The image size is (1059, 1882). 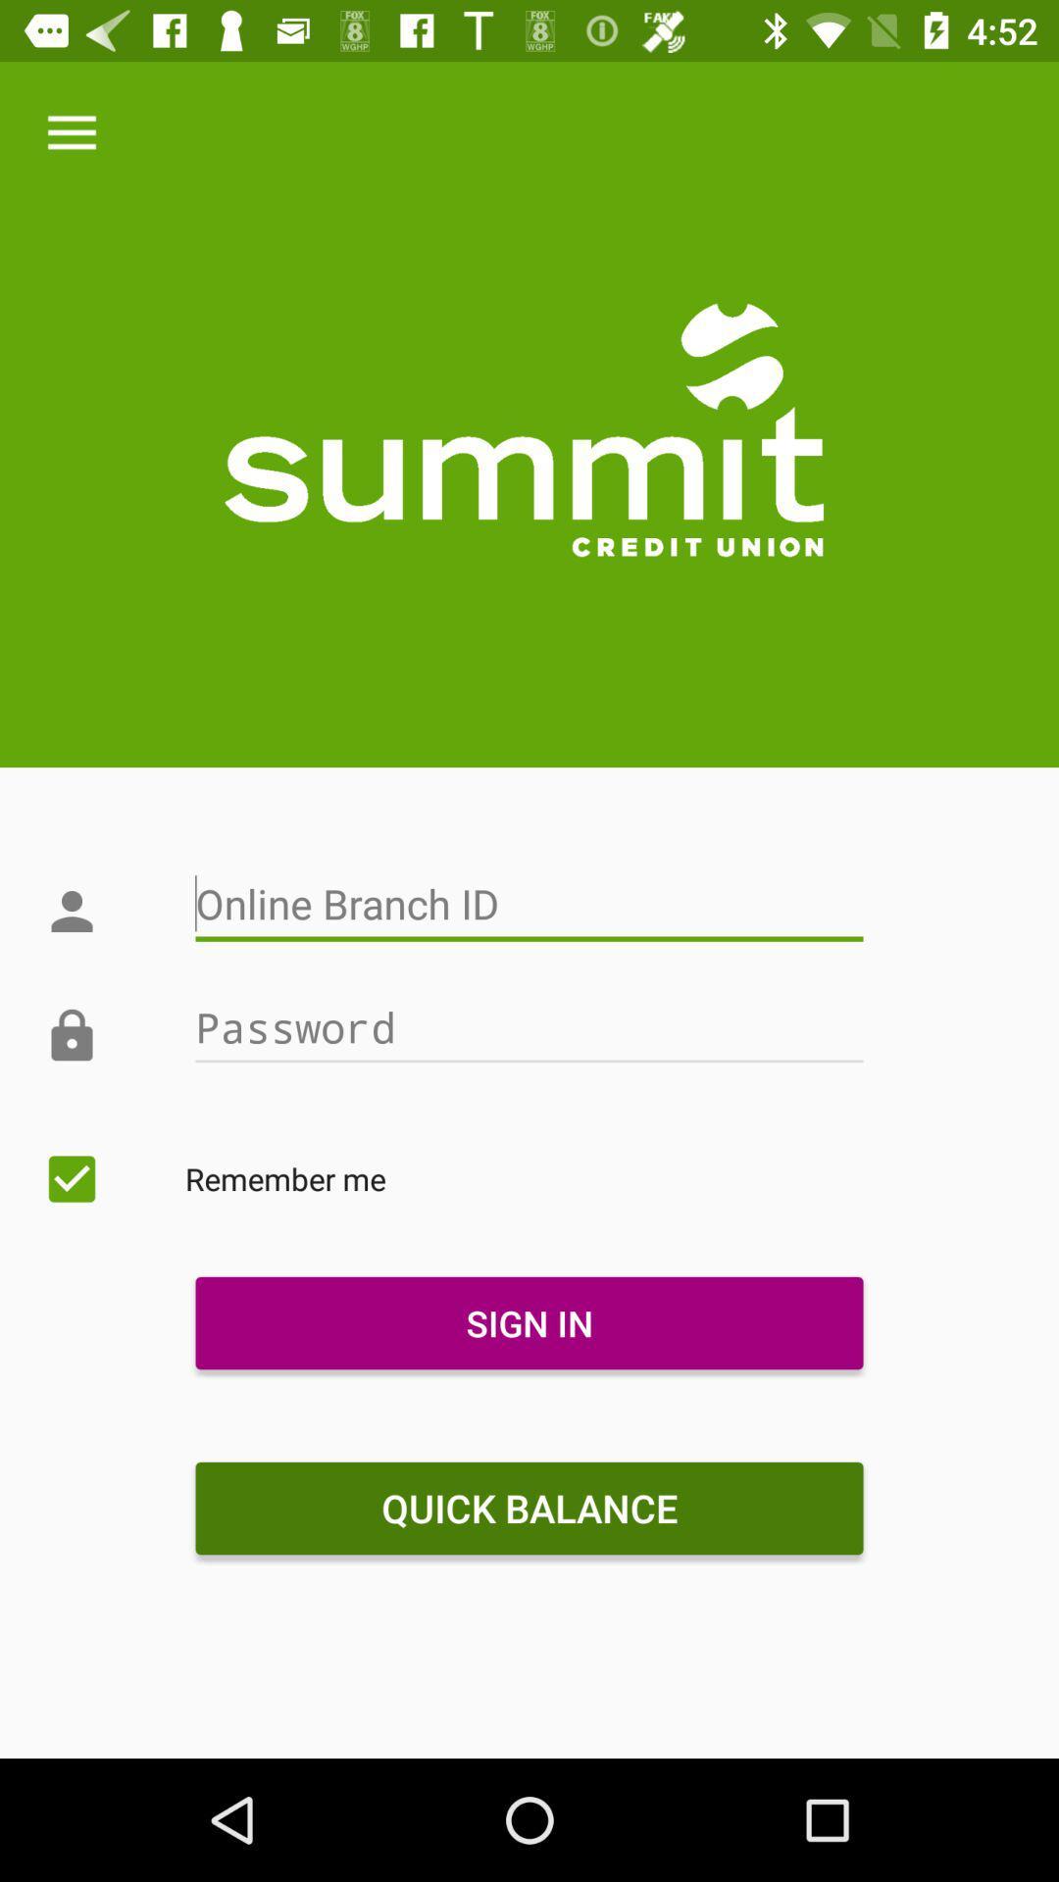 I want to click on the icon below remember me item, so click(x=529, y=1322).